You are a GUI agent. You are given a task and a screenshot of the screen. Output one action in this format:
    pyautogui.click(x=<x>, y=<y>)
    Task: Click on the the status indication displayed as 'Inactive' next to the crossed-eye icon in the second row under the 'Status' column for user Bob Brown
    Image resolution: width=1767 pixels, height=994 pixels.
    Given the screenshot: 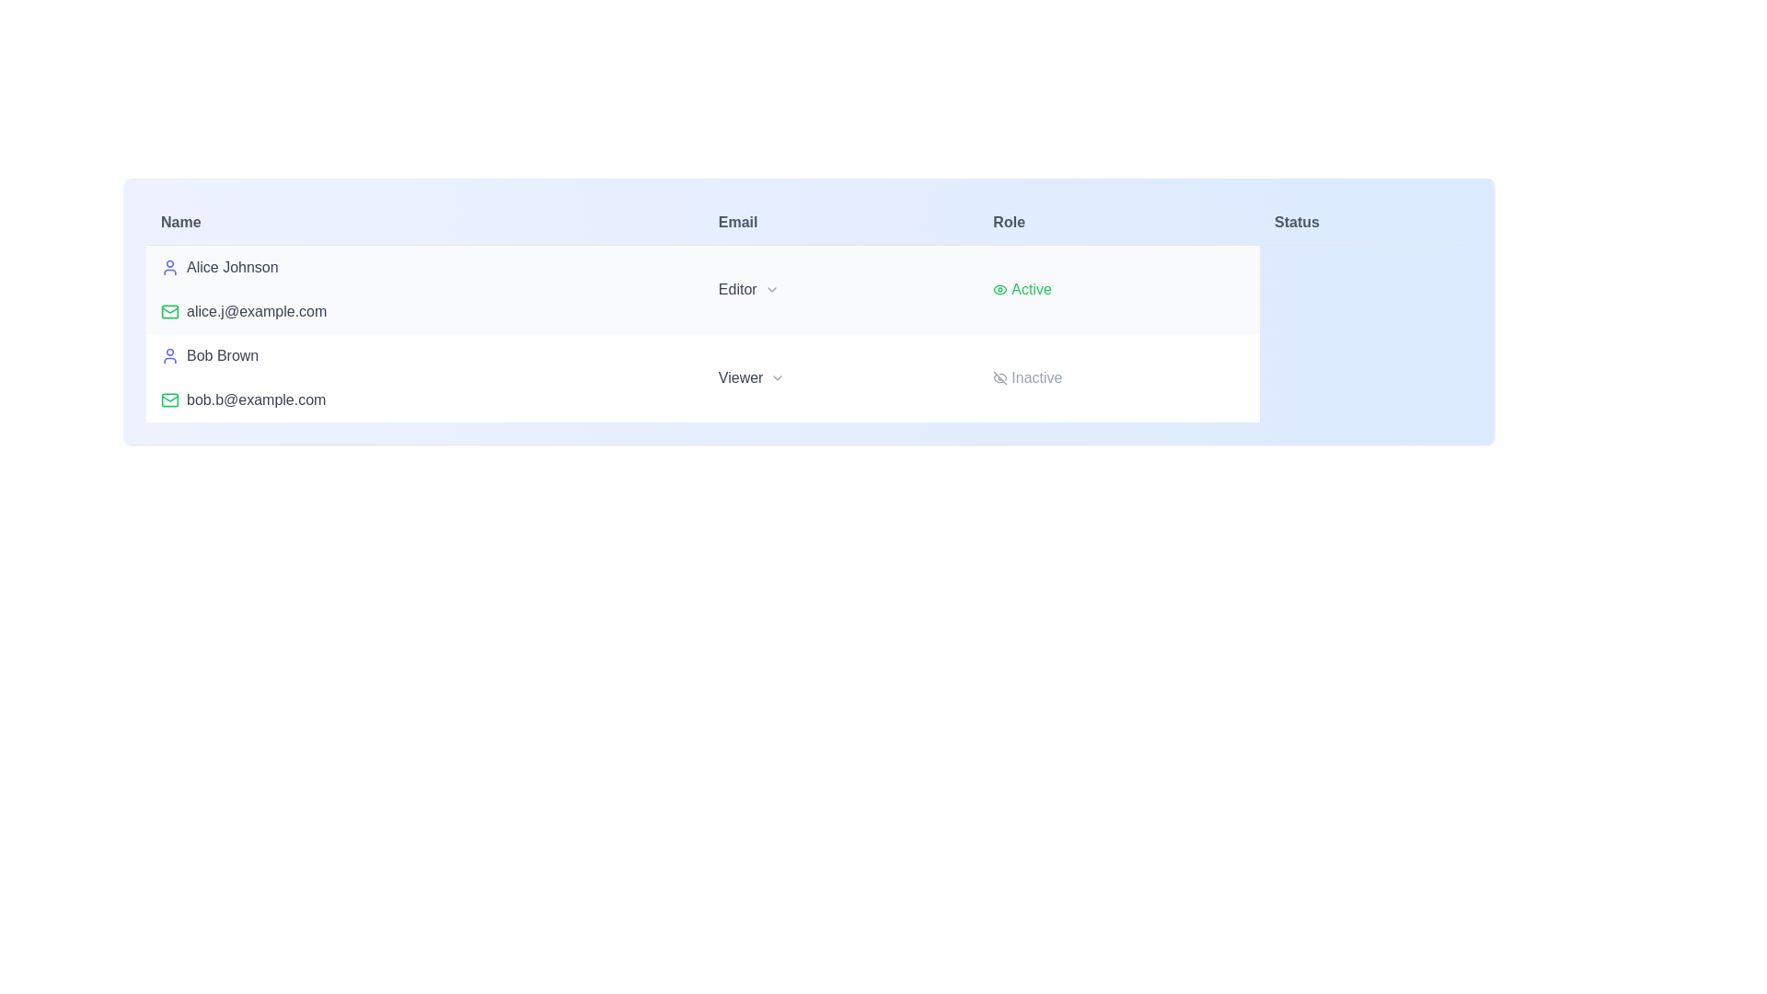 What is the action you would take?
    pyautogui.click(x=1118, y=377)
    